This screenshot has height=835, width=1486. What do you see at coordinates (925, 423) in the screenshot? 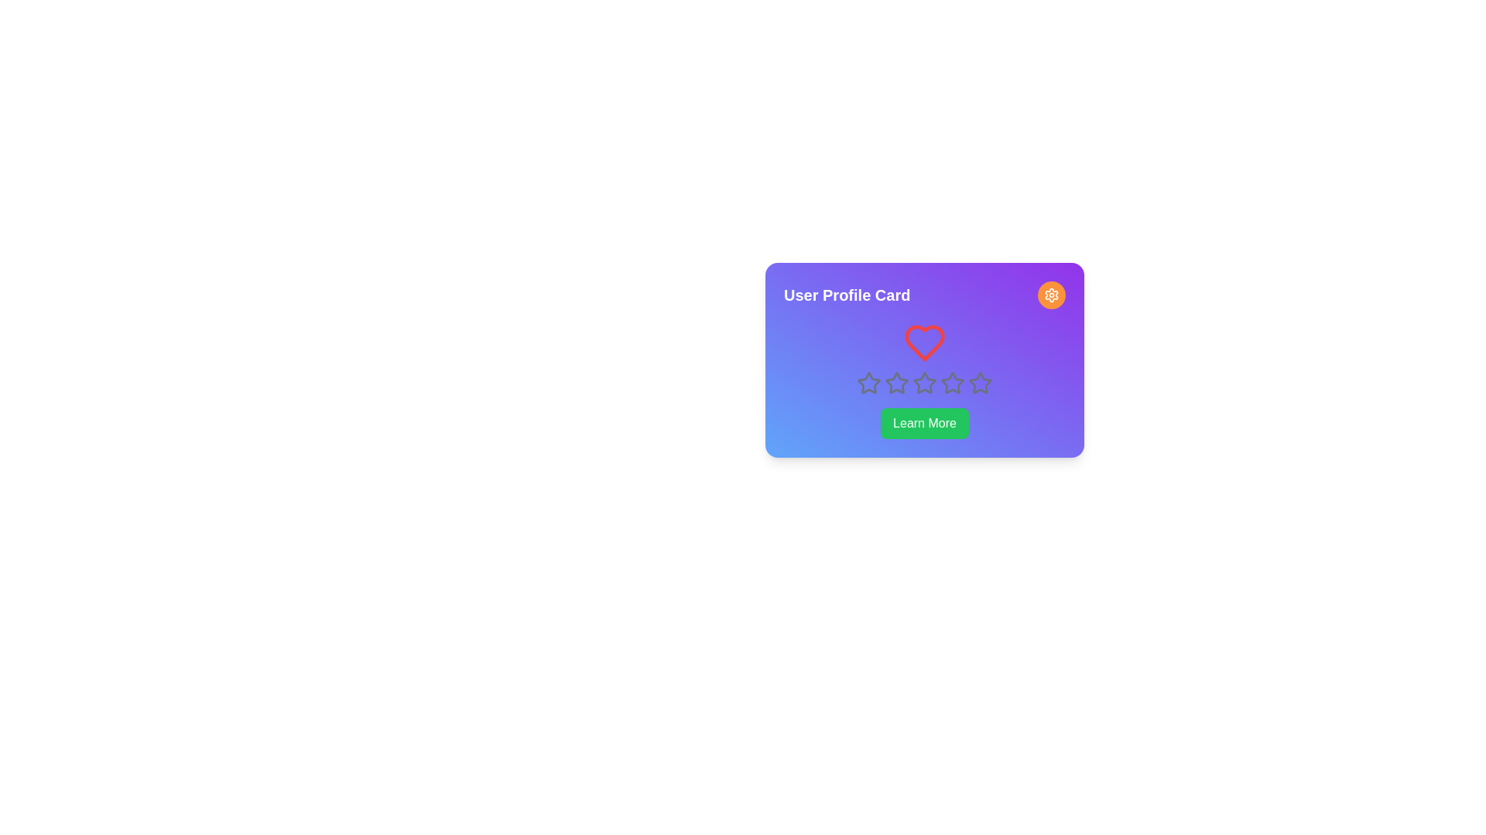
I see `the button located at the bottom of the card, centered horizontally, to observe the hover effect` at bounding box center [925, 423].